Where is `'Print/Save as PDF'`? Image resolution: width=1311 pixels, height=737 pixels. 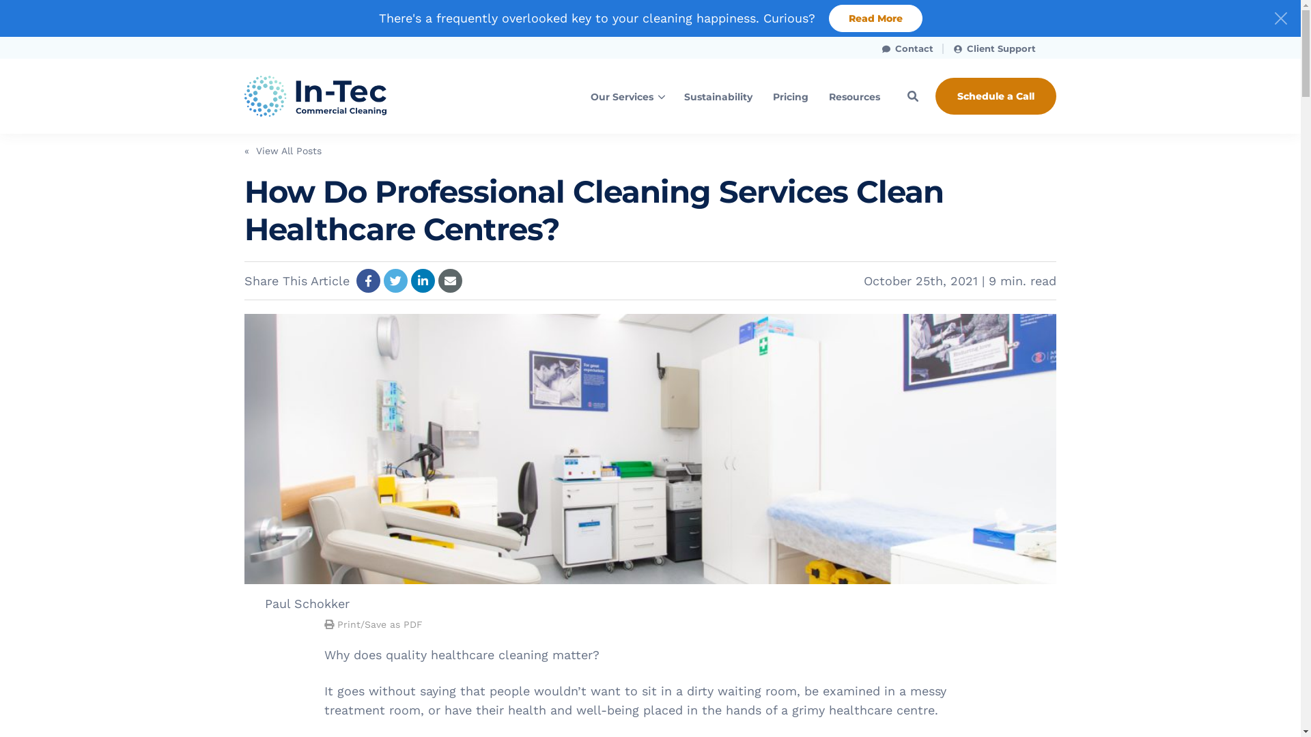 'Print/Save as PDF' is located at coordinates (373, 624).